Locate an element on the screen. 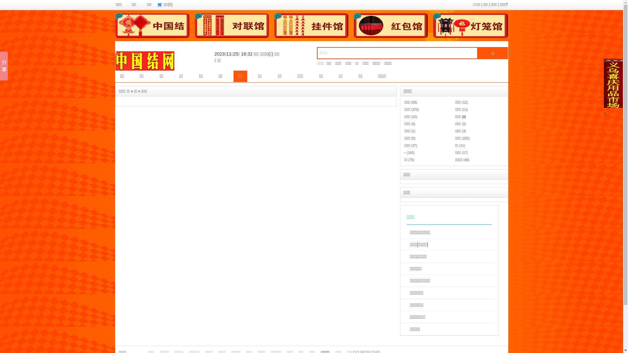 The height and width of the screenshot is (353, 628). '-' is located at coordinates (405, 152).